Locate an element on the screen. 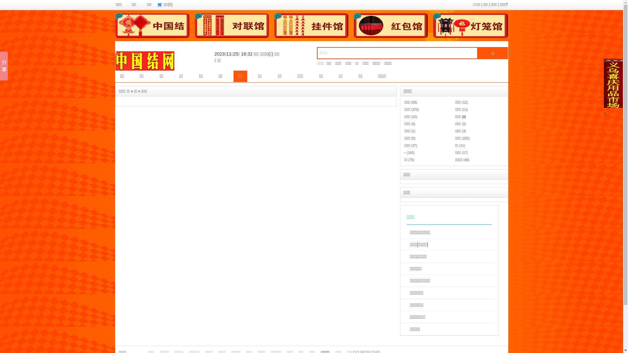 The height and width of the screenshot is (353, 628). '-' is located at coordinates (405, 152).